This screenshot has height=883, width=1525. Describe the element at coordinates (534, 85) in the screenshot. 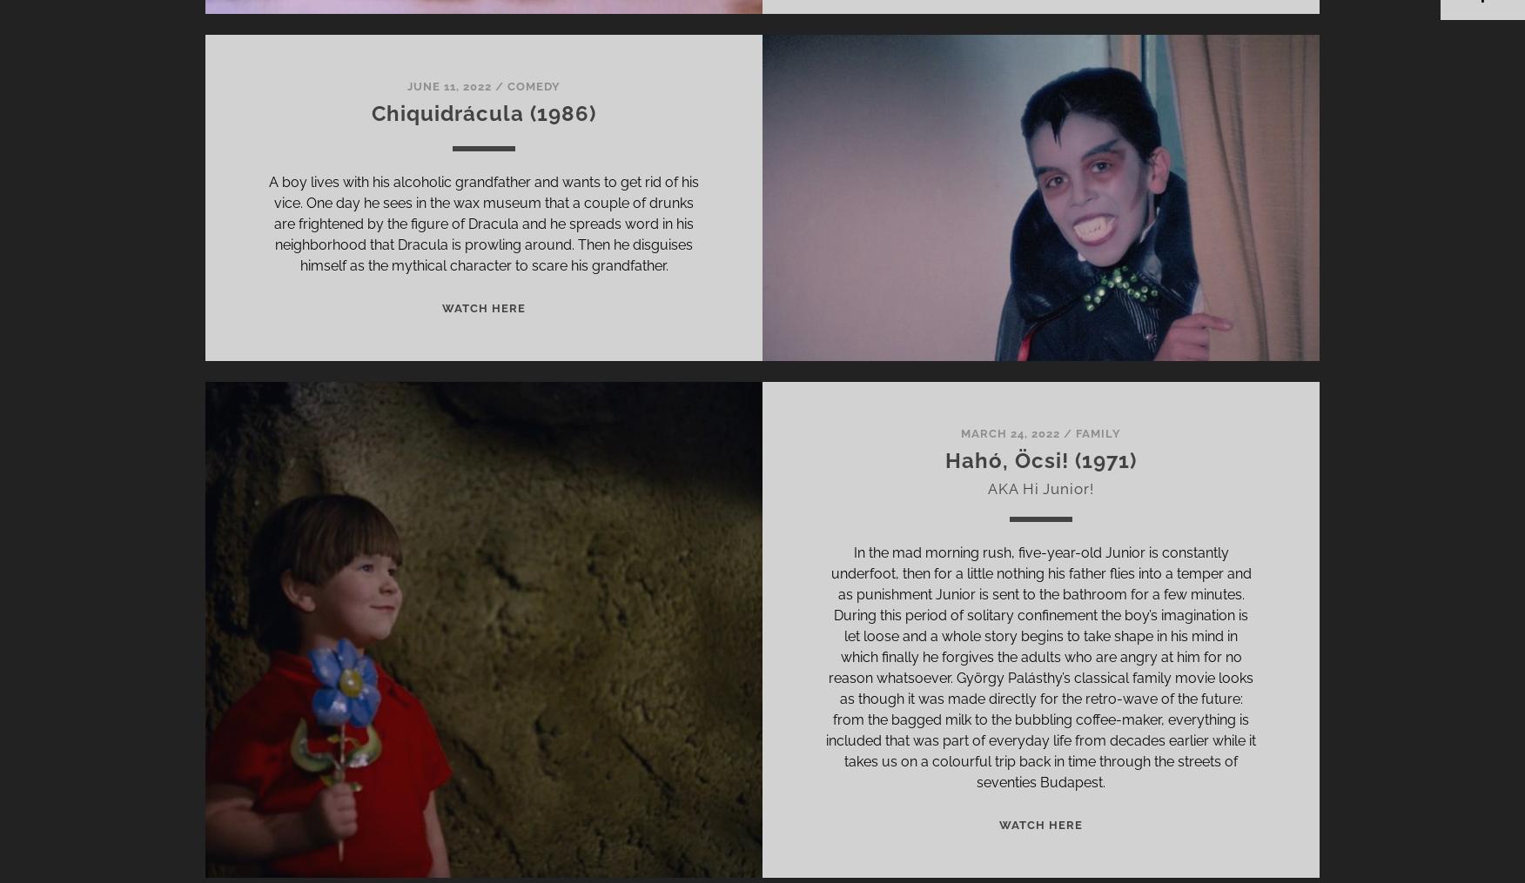

I see `'Comedy'` at that location.